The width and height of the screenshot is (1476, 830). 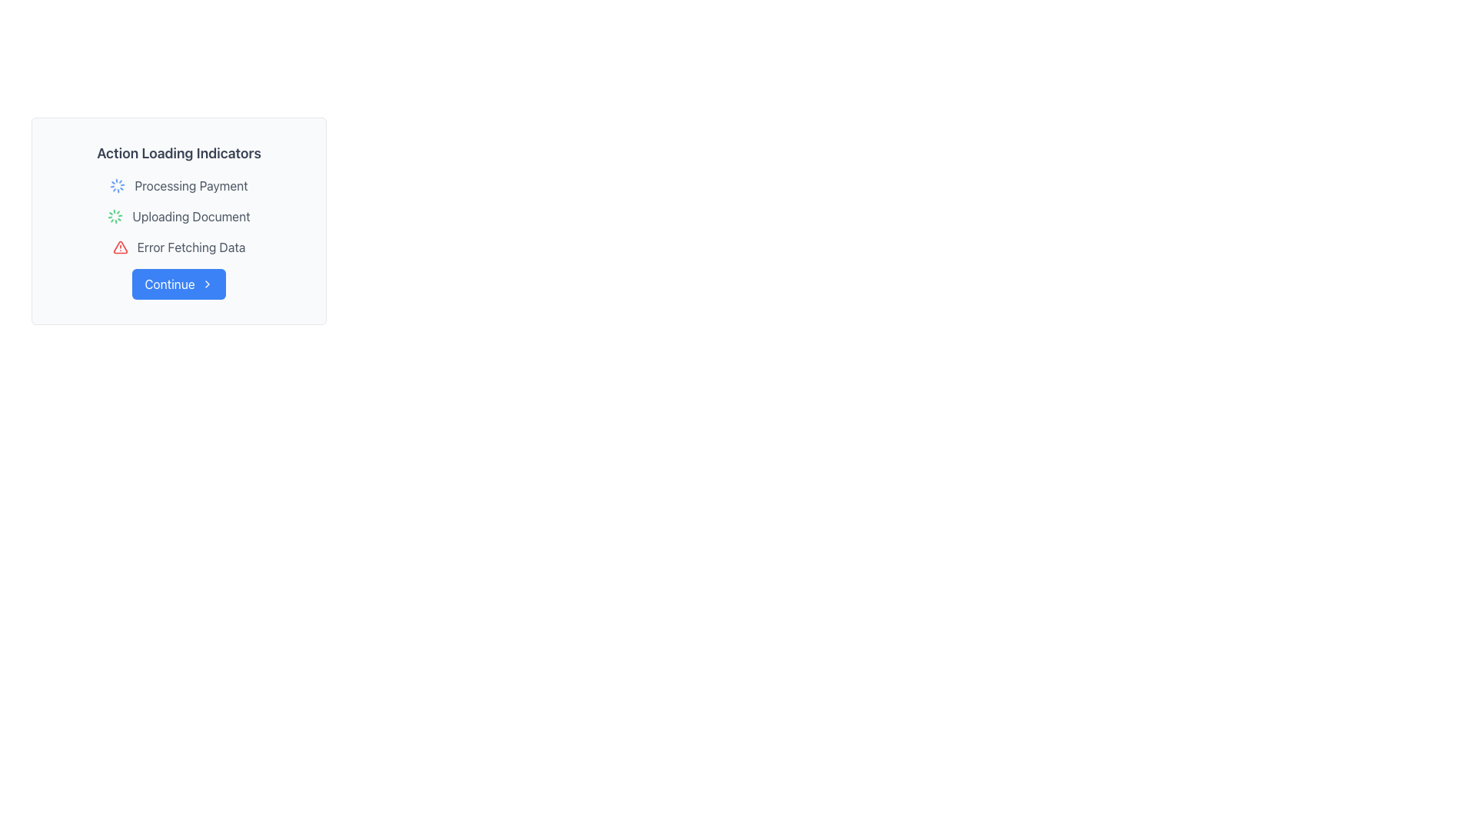 I want to click on the Informational Indicator located below the heading 'Action Loading Indicators' and above 'Uploading Document', which visually represents an ongoing process with a loader animation, so click(x=179, y=185).